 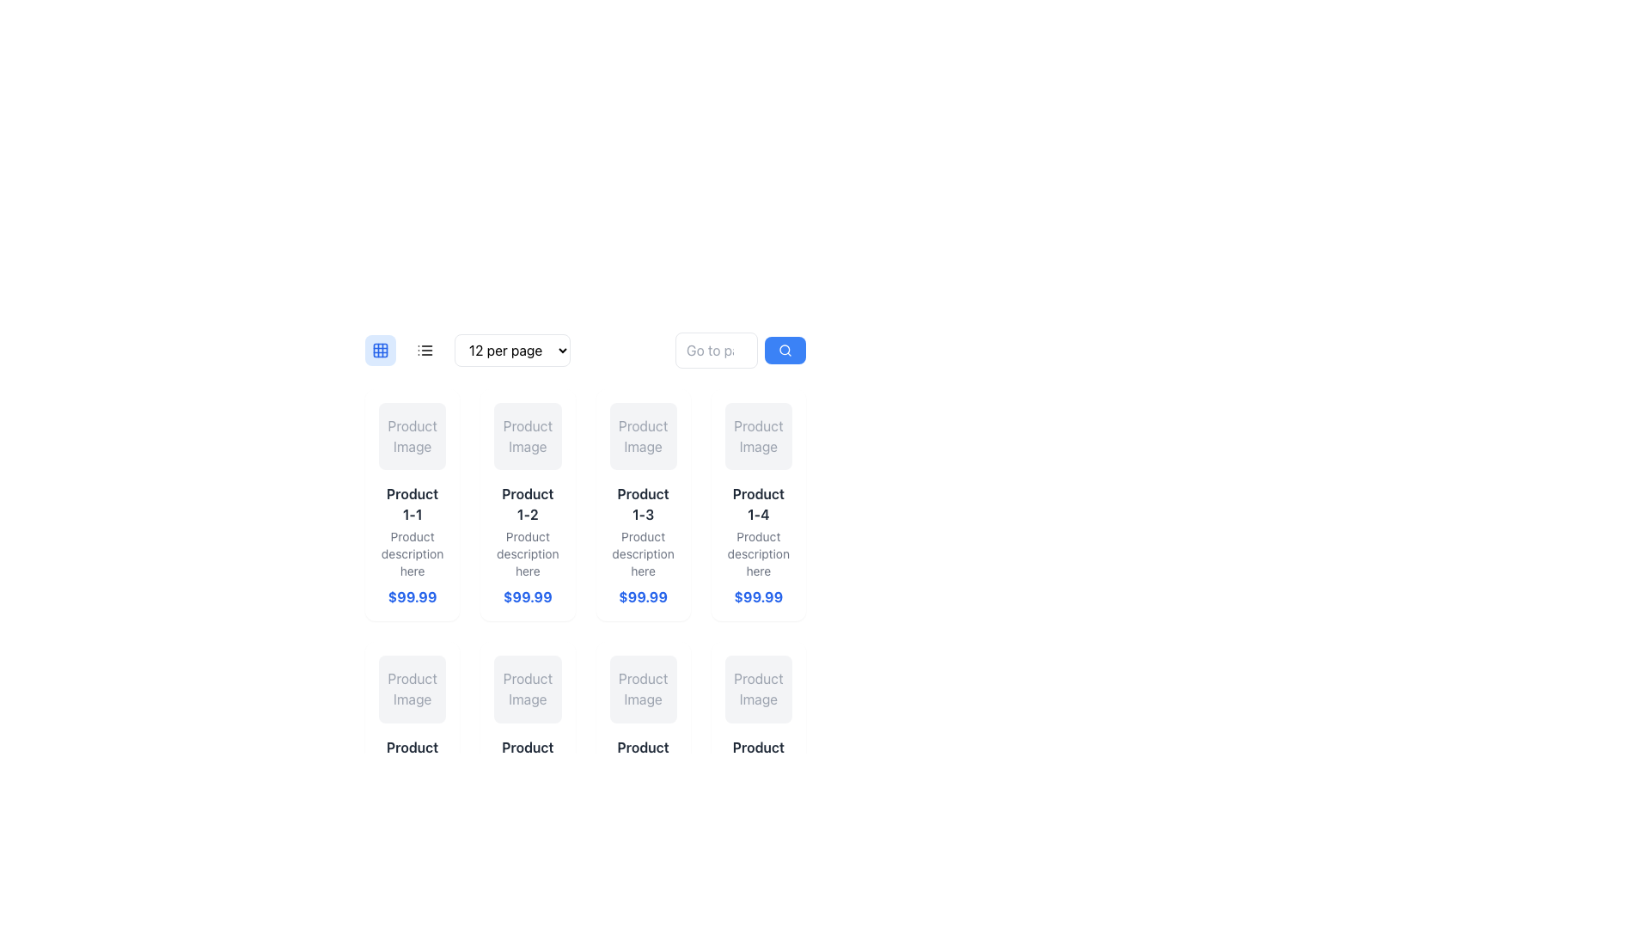 What do you see at coordinates (757, 546) in the screenshot?
I see `textual information displayed in the Text Block located at the bottom-right of the content area beneath the 'Product Image', which includes 'Product 1-4', 'Product description here', and '$99.99'` at bounding box center [757, 546].